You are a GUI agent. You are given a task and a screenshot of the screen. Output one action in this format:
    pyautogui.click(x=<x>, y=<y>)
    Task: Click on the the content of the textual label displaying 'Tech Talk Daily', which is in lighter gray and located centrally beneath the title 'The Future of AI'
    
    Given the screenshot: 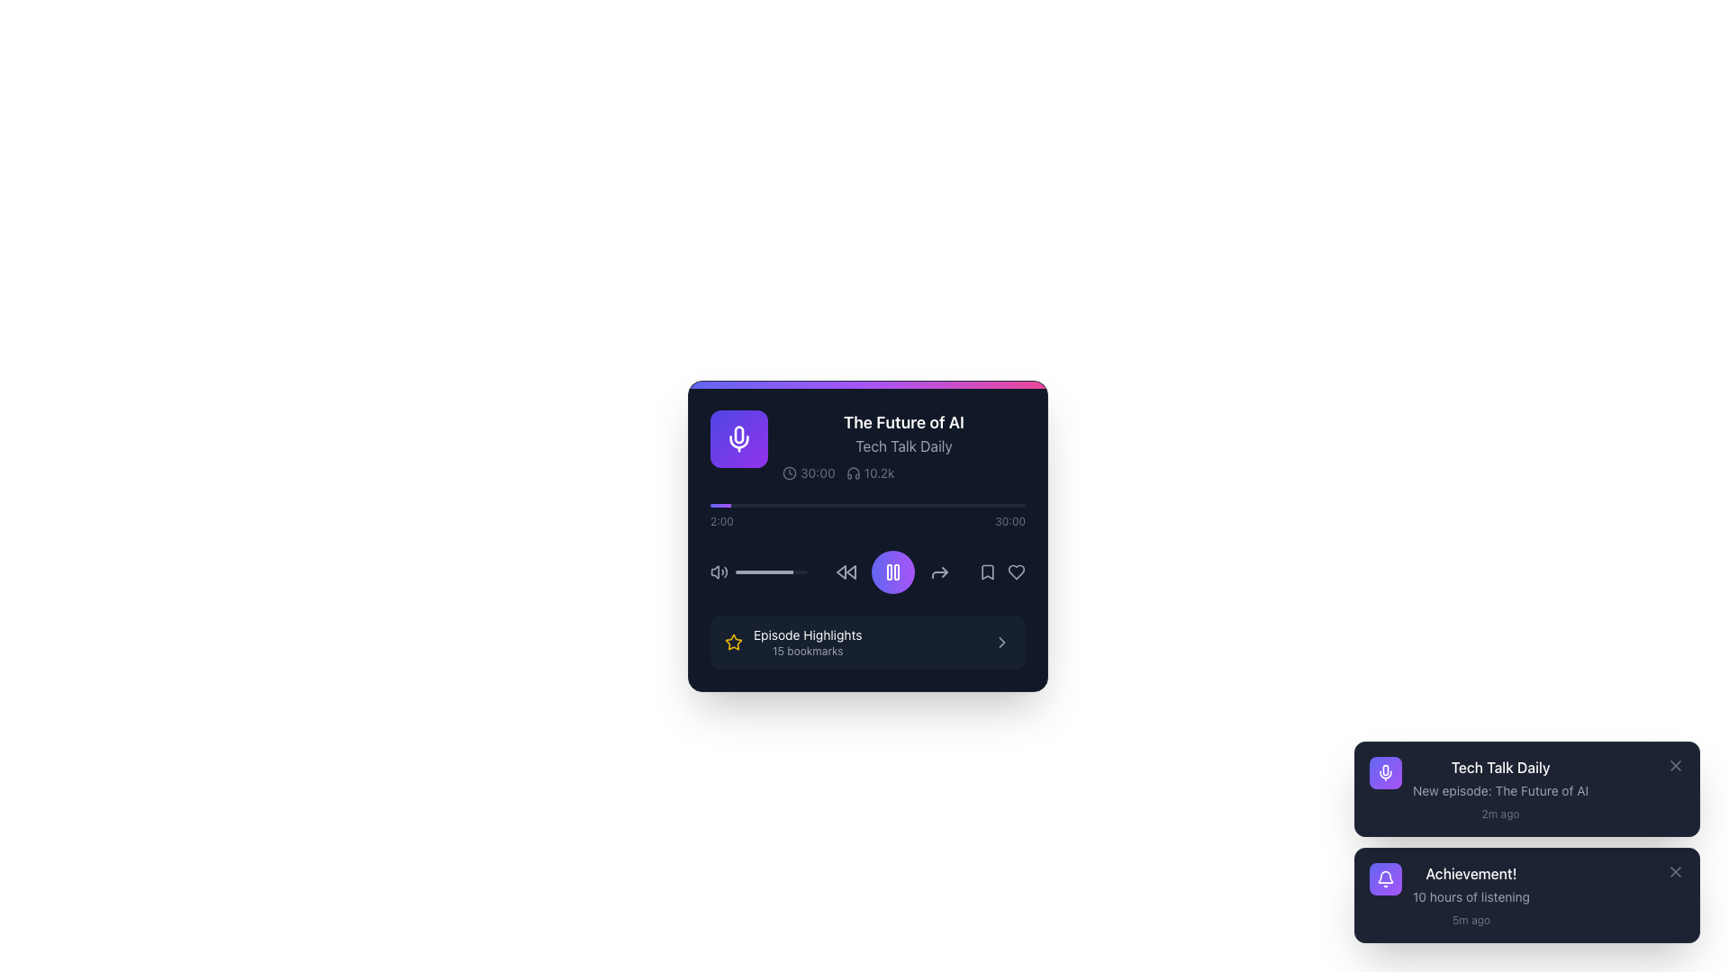 What is the action you would take?
    pyautogui.click(x=903, y=445)
    